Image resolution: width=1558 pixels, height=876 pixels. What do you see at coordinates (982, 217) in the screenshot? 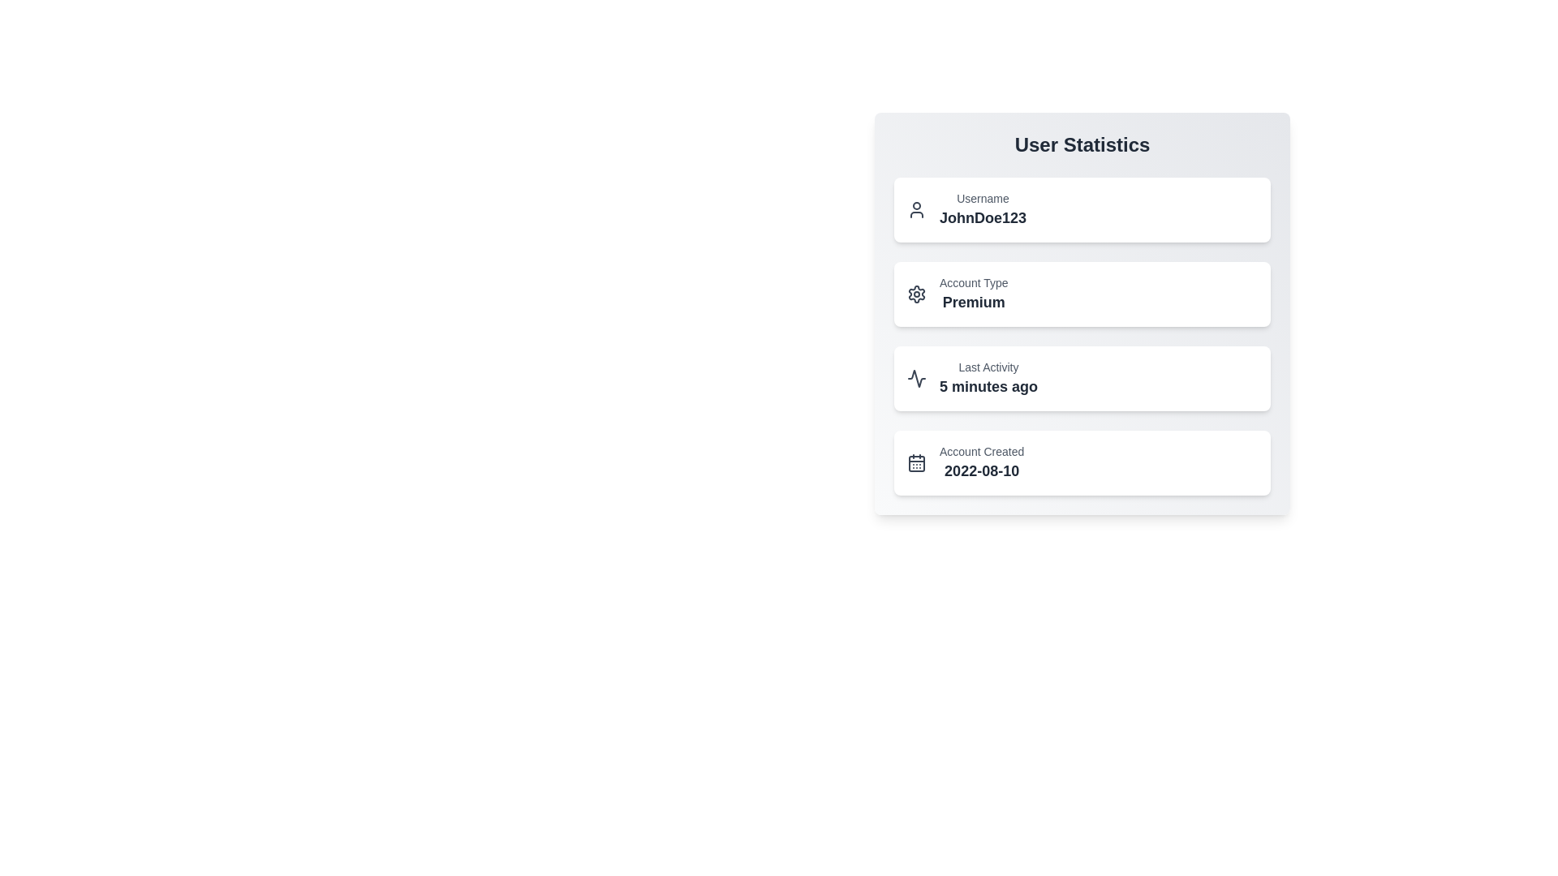
I see `the Text label displaying the username, which is positioned within the user statistics panel, directly below the 'Username' label` at bounding box center [982, 217].